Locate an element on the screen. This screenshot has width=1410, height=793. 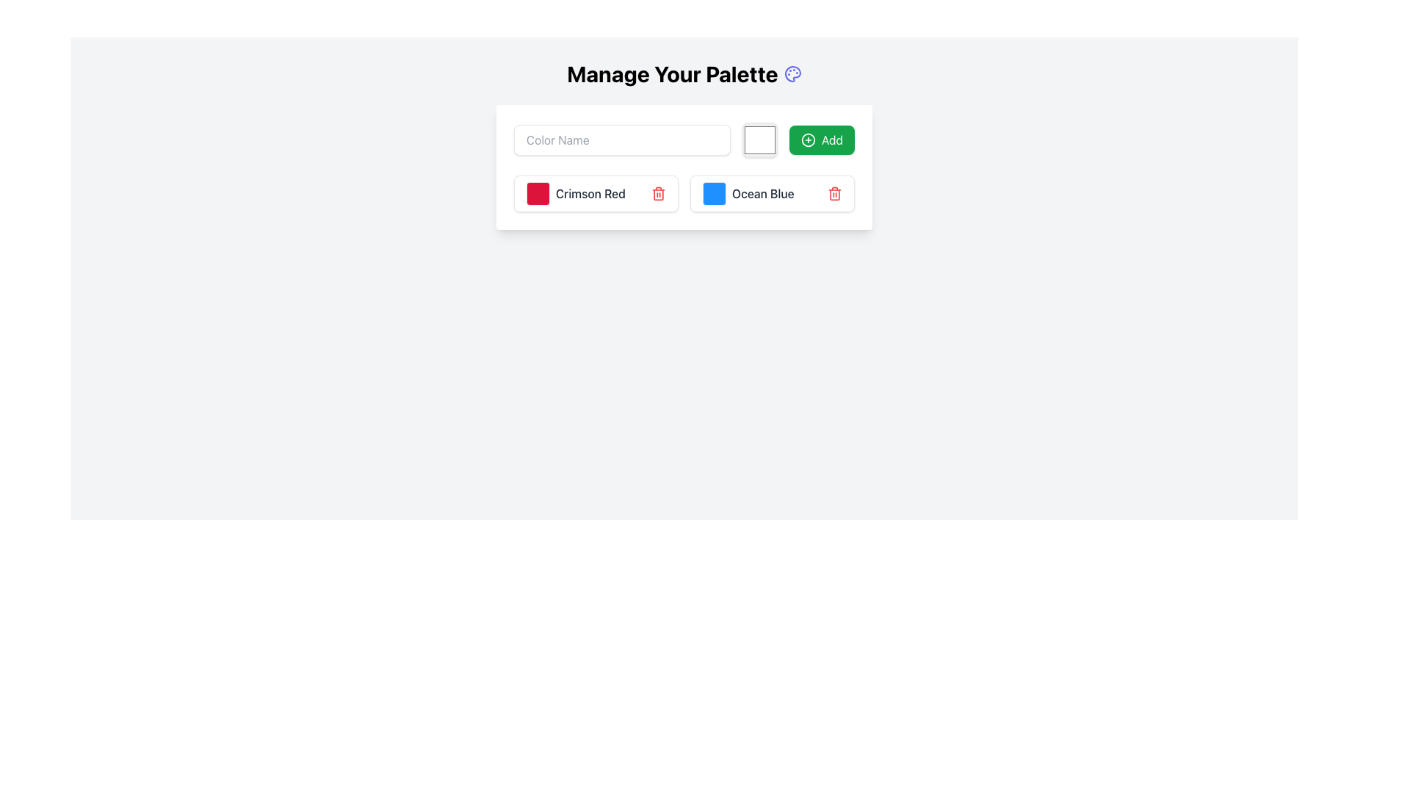
the color representation of the square color indicator box filled with a vibrant blue color (RGB 30, 144, 255) located to the left of the text label 'Ocean Blue' is located at coordinates (715, 192).